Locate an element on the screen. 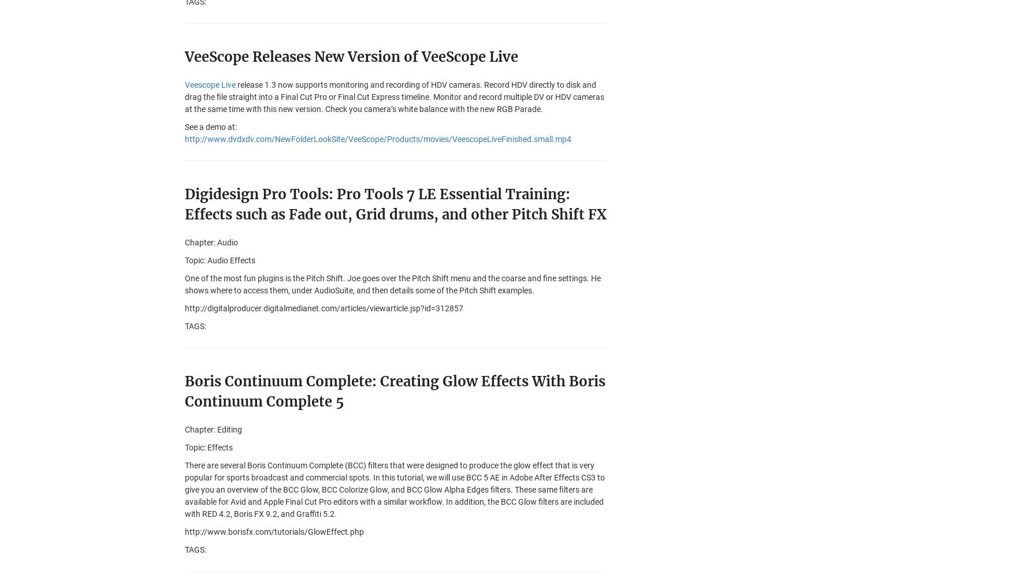 The image size is (1011, 585). 'http://www.dvdxdv.com/NewFolderLookSite/VeeScope/Products/movies/VeescopeLiveFinished.small.mp4' is located at coordinates (377, 137).